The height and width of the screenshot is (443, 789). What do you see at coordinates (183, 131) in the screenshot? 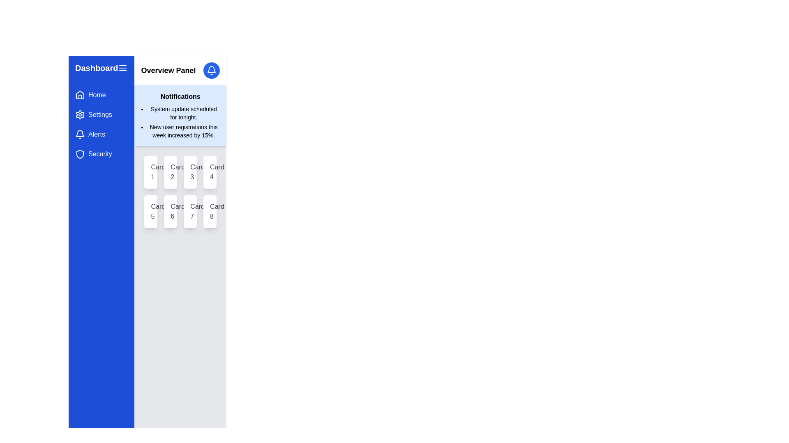
I see `the informational text in the 'Overview Panel' section that notifies about the increase in user registrations, located beneath the title 'Notifications'` at bounding box center [183, 131].